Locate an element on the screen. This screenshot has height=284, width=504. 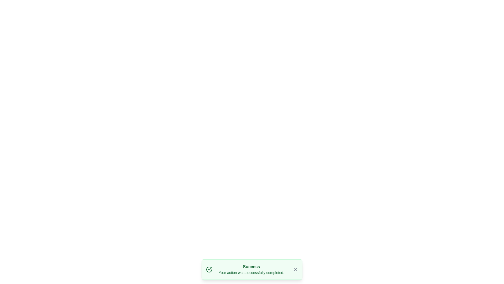
the graphical icon in the bottom-right corner of the success message dialog box is located at coordinates (295, 270).